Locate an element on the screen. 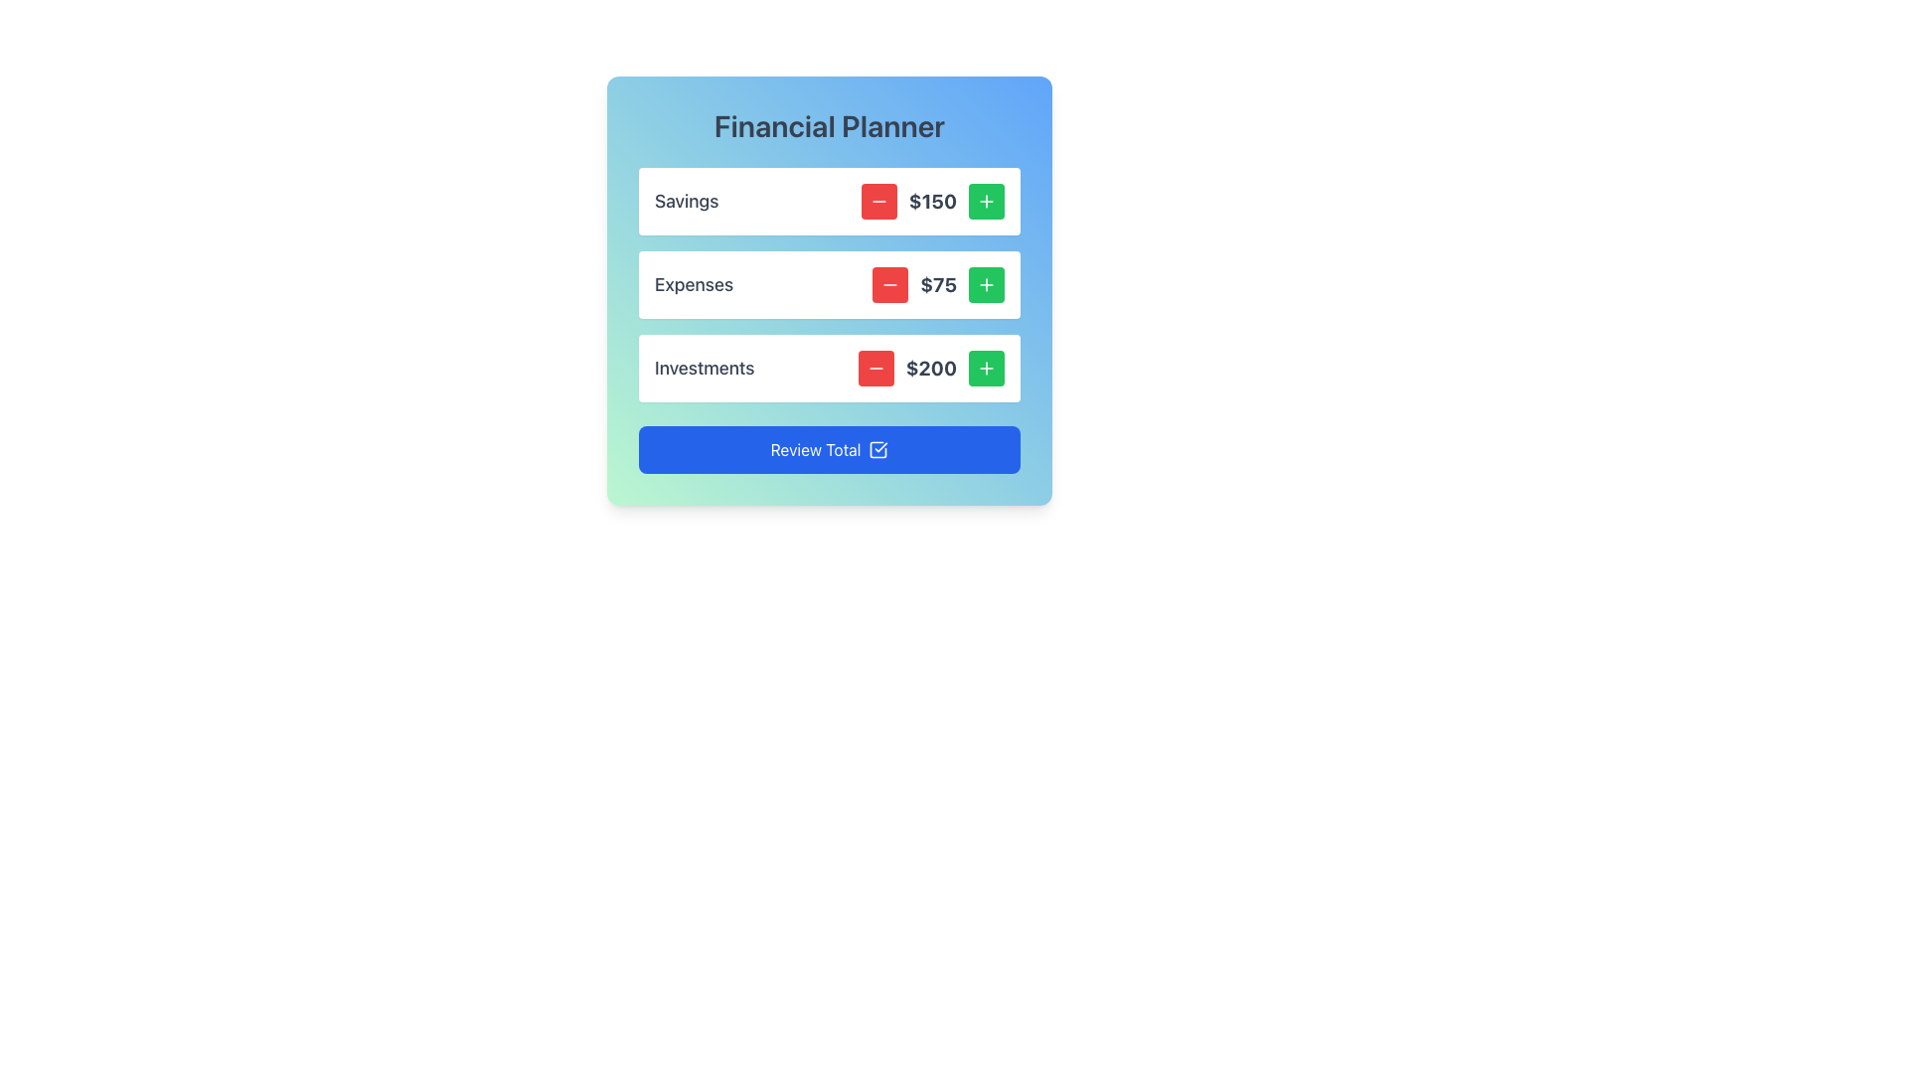 The width and height of the screenshot is (1908, 1073). the label in the third financial category row of the financial planning card, which describes the category corresponding to the monetary values and adjustment buttons for Investments is located at coordinates (705, 368).